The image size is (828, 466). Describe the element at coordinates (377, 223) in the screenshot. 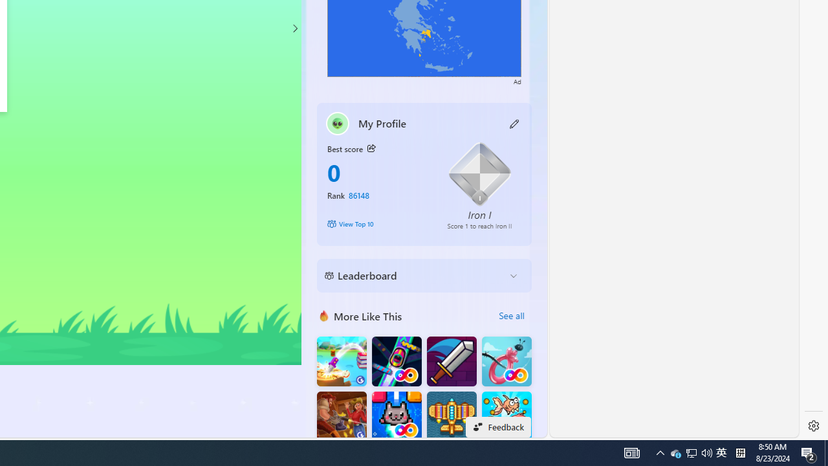

I see `'View Top 10'` at that location.